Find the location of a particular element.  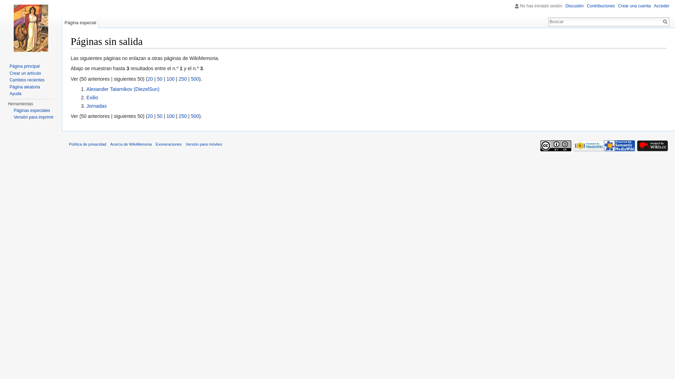

'Contribuciones' is located at coordinates (600, 6).